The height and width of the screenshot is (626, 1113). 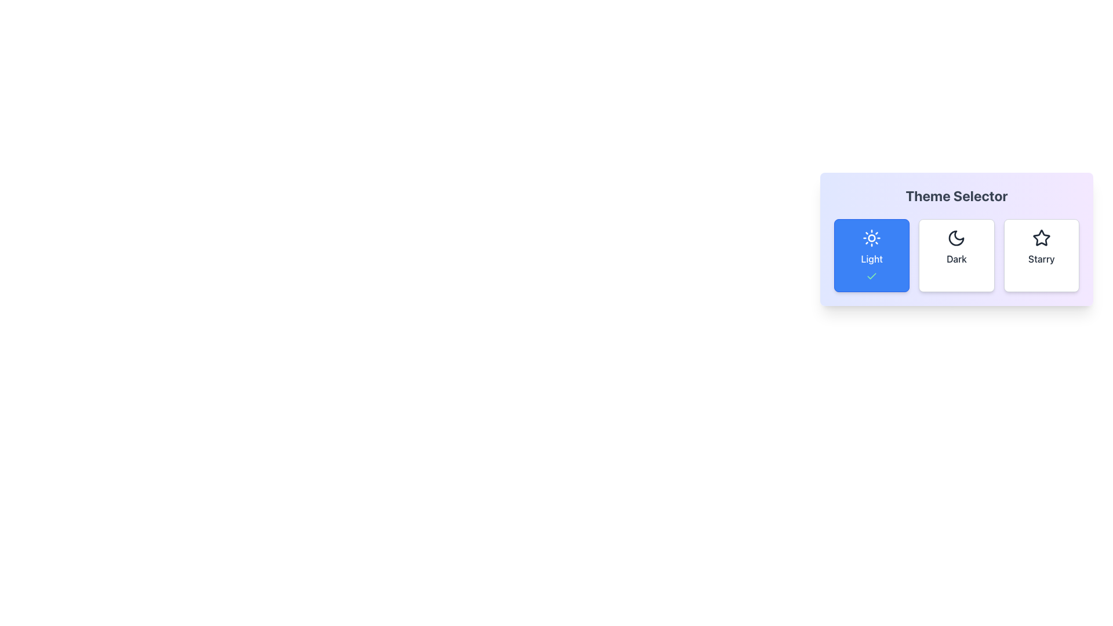 I want to click on the checkmark icon, which has a thin green stroke and is located within the 'Light' themed button on the leftmost side of the theme selector interface, below the 'Light' label text, so click(x=872, y=276).